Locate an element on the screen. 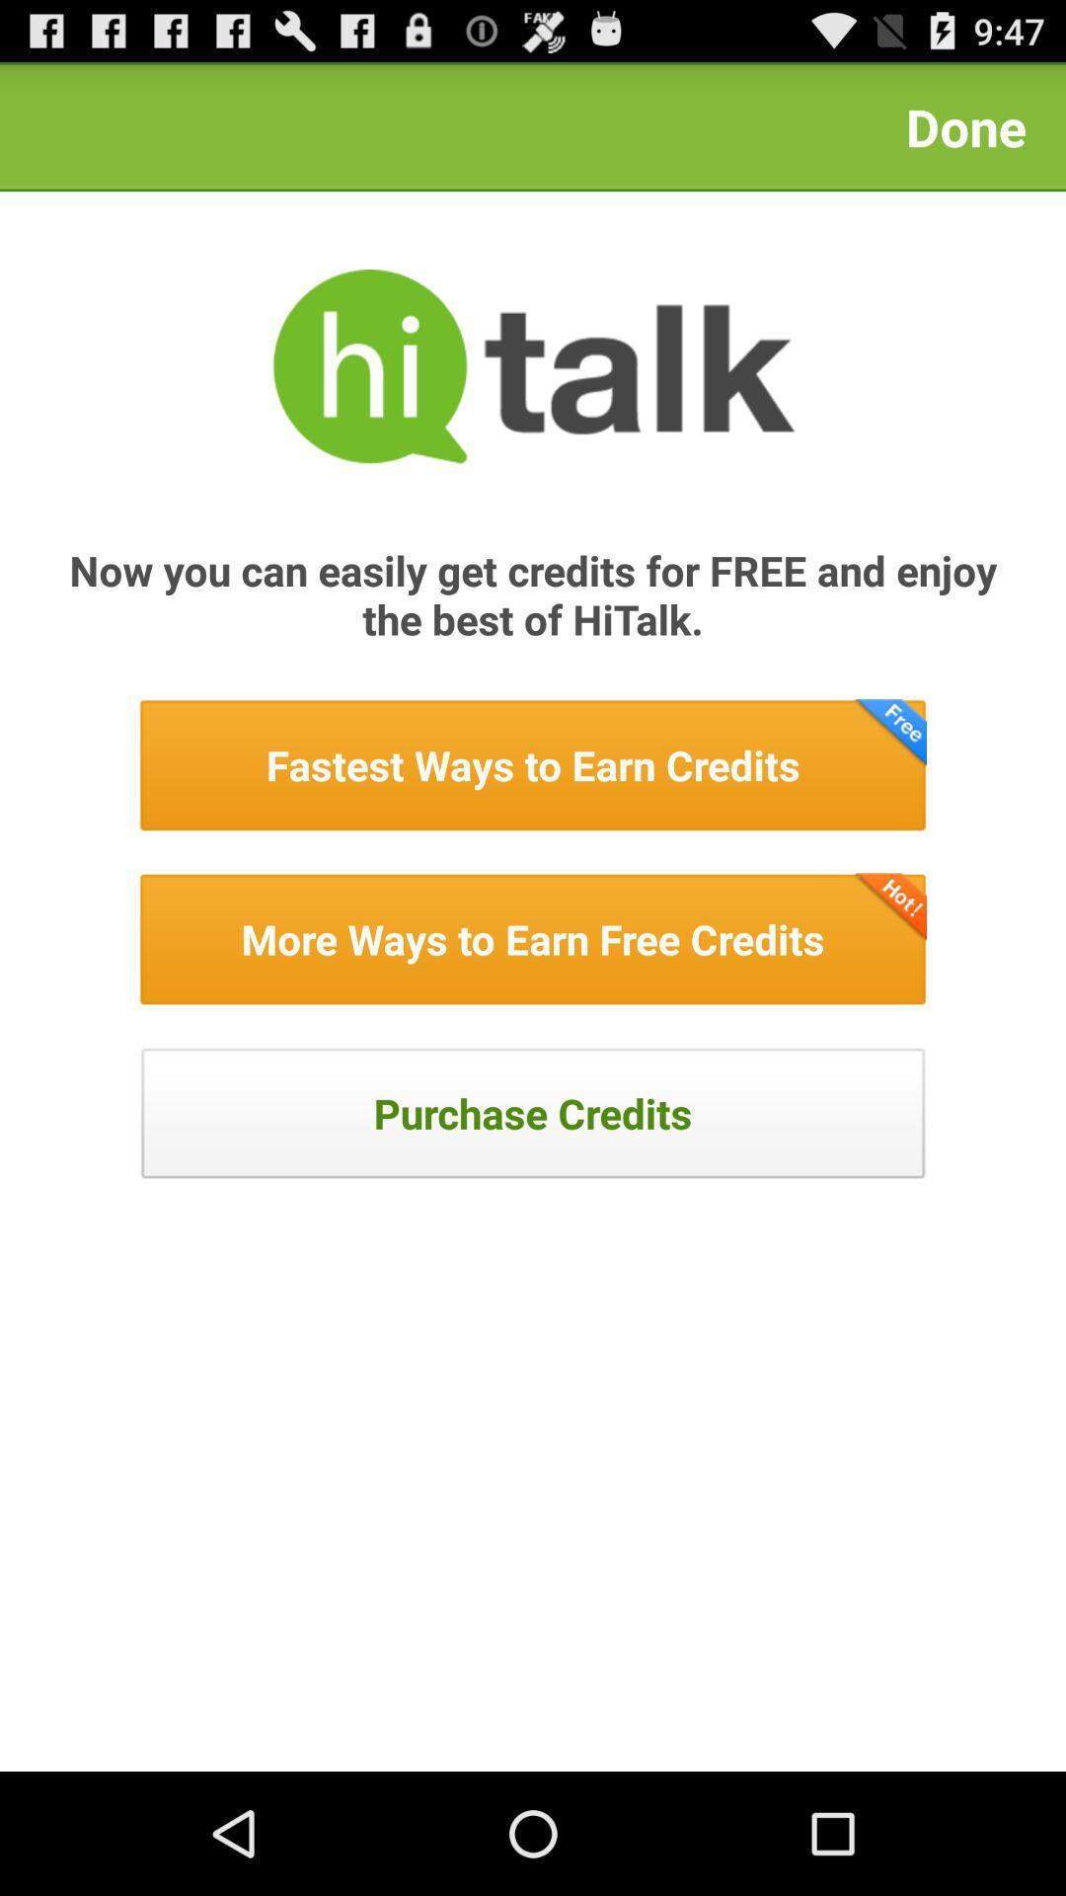  purchase credits is located at coordinates (533, 1113).